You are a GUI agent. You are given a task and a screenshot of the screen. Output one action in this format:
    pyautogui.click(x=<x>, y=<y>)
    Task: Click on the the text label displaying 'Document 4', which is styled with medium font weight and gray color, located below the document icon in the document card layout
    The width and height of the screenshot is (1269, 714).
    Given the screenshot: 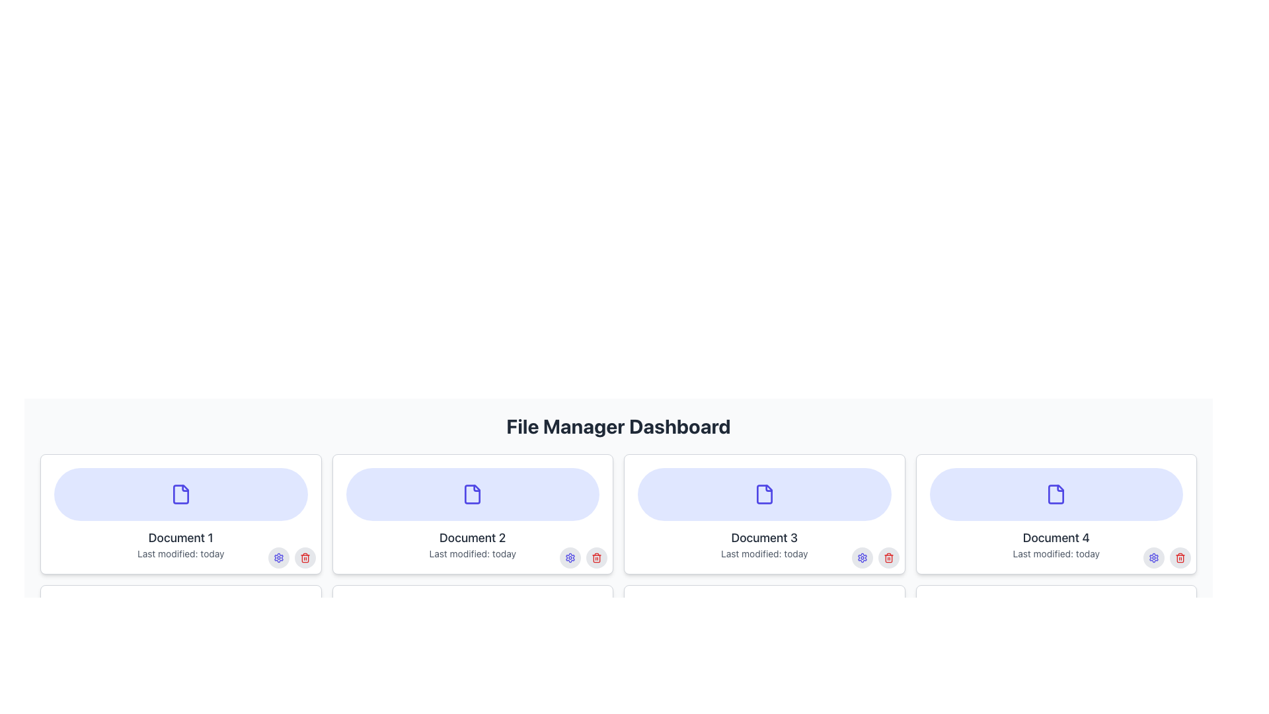 What is the action you would take?
    pyautogui.click(x=1056, y=537)
    